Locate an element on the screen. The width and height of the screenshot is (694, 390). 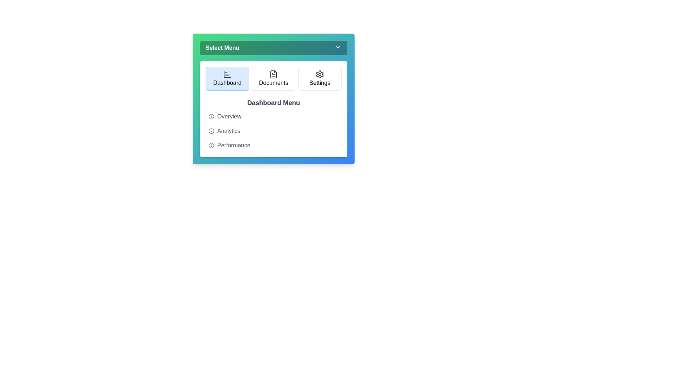
the 'Dashboard Menu' section is located at coordinates (273, 124).